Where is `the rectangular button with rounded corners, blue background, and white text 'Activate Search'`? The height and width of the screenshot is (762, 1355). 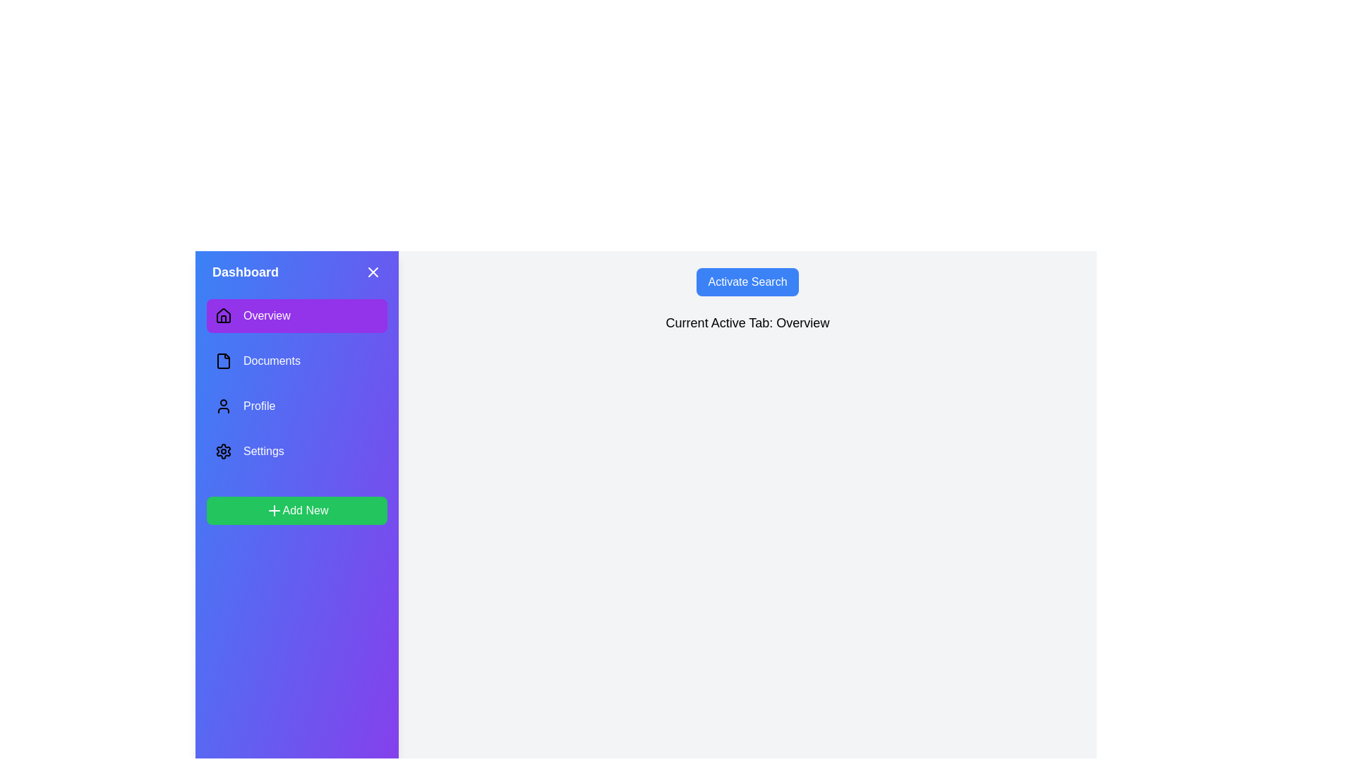
the rectangular button with rounded corners, blue background, and white text 'Activate Search' is located at coordinates (747, 282).